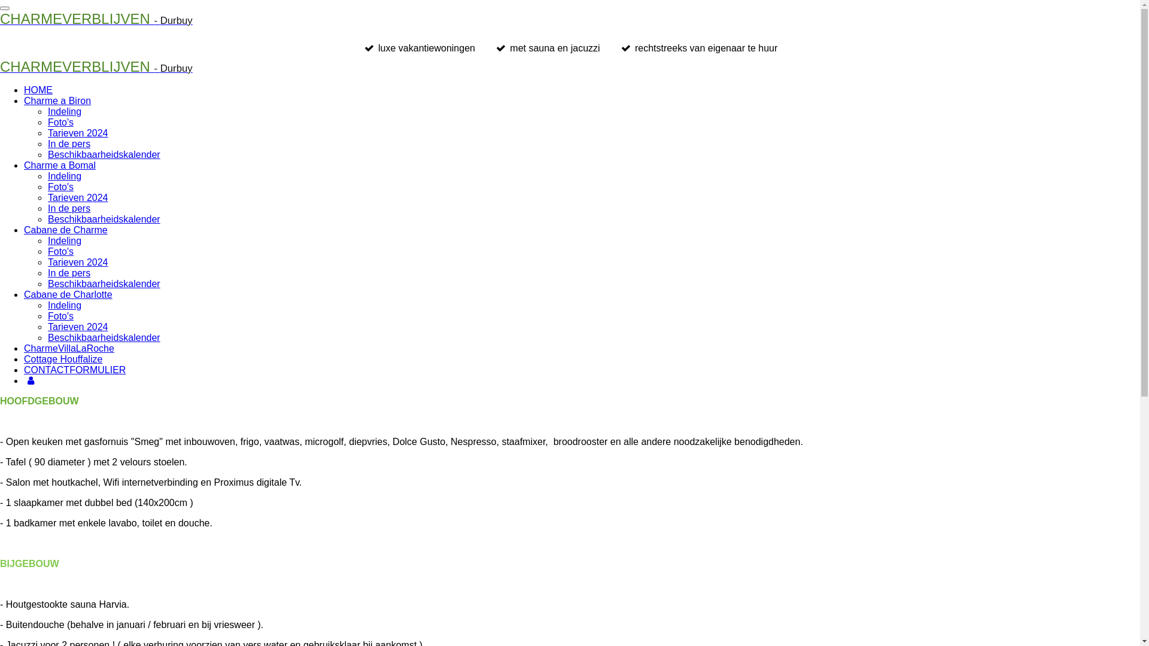 The height and width of the screenshot is (646, 1149). What do you see at coordinates (59, 165) in the screenshot?
I see `'Charme a Bomal'` at bounding box center [59, 165].